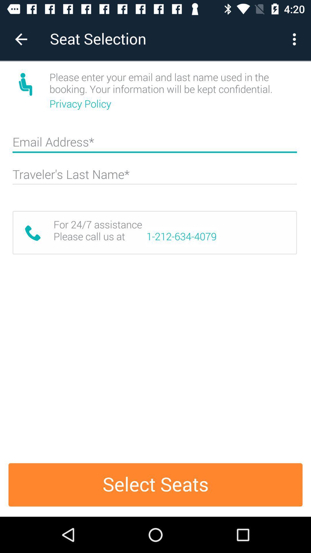  I want to click on the item above select seats icon, so click(181, 236).